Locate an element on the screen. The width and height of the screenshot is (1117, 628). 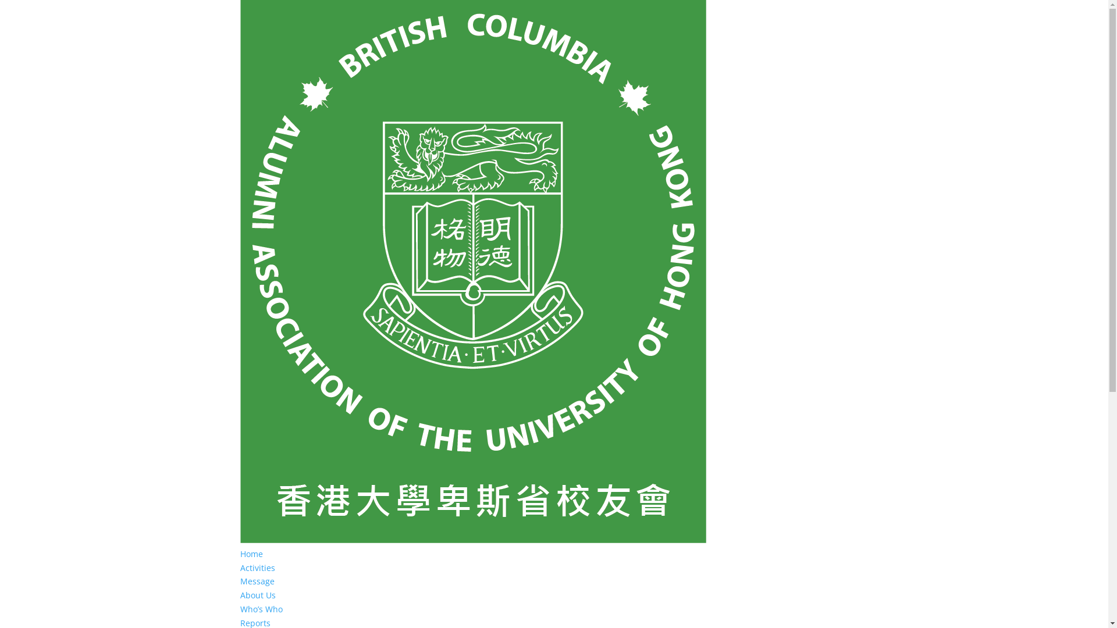
'About Us' is located at coordinates (257, 595).